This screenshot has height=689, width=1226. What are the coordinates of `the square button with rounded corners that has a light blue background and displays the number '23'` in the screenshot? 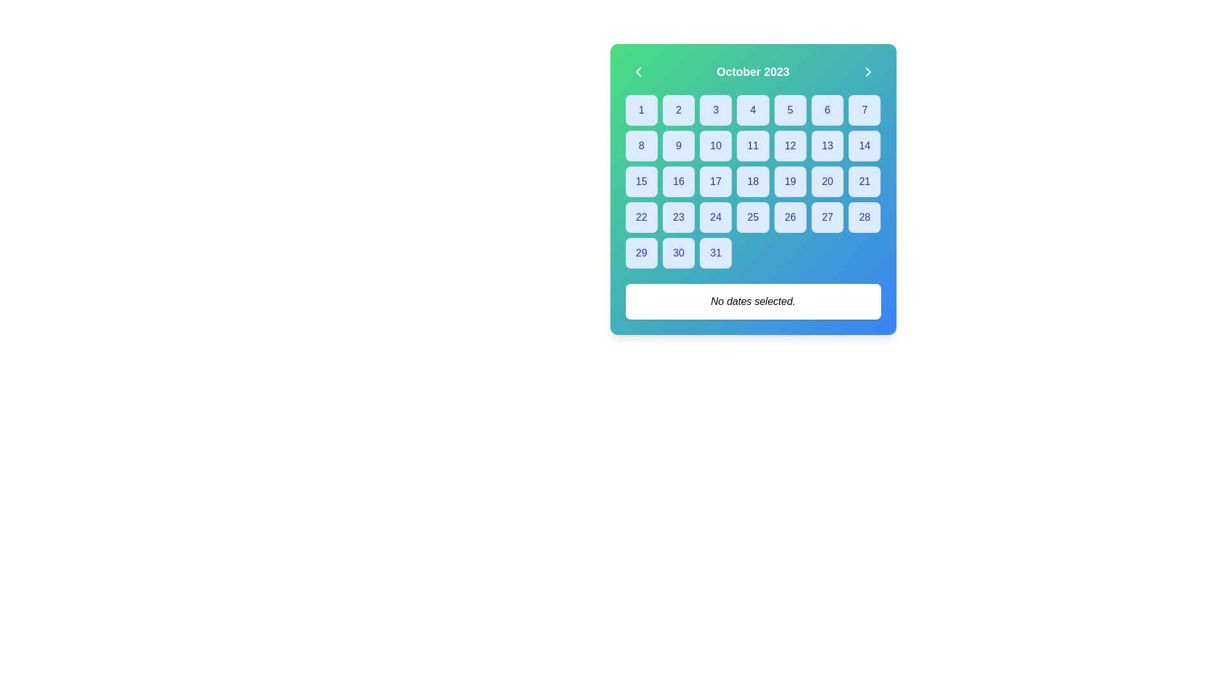 It's located at (677, 216).